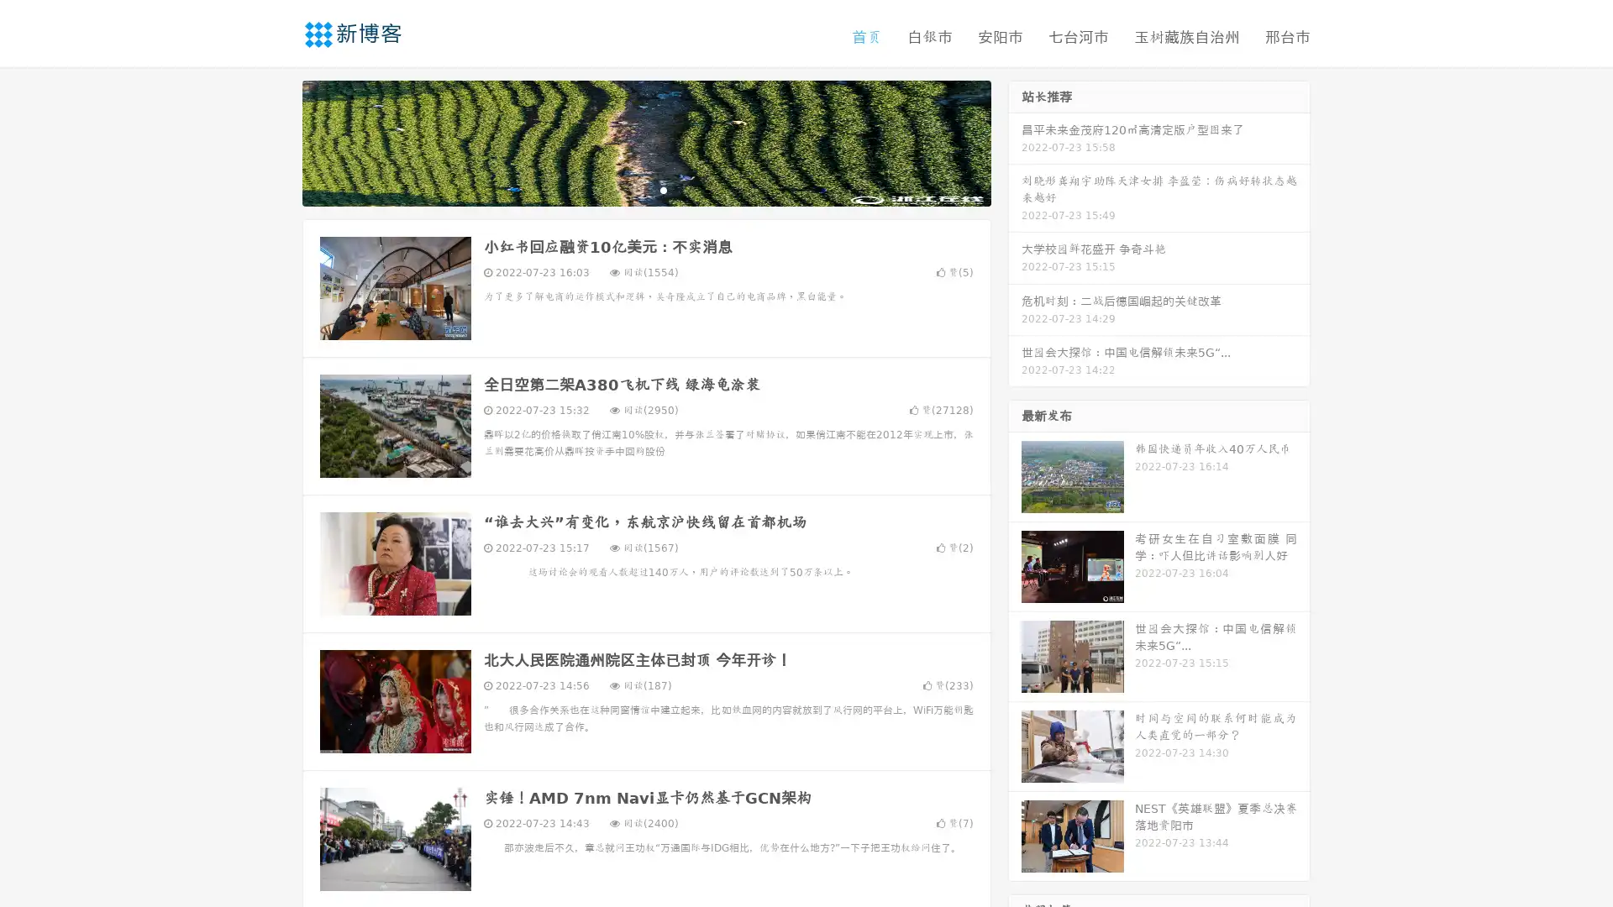  I want to click on Go to slide 2, so click(645, 189).